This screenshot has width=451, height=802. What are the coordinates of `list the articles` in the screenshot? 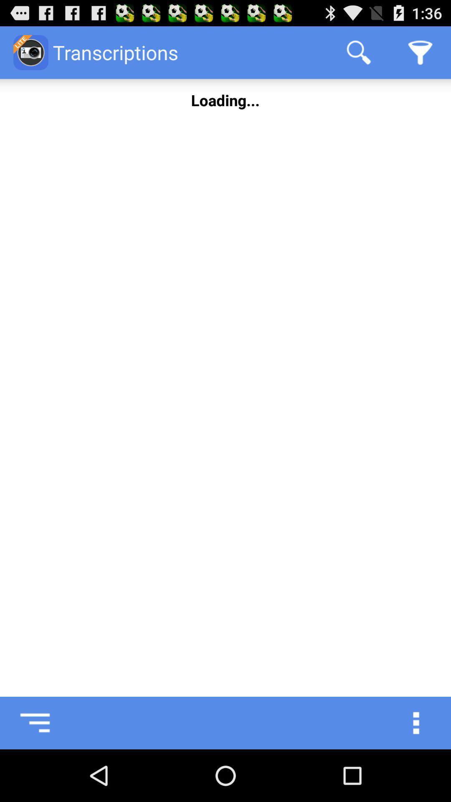 It's located at (25, 723).